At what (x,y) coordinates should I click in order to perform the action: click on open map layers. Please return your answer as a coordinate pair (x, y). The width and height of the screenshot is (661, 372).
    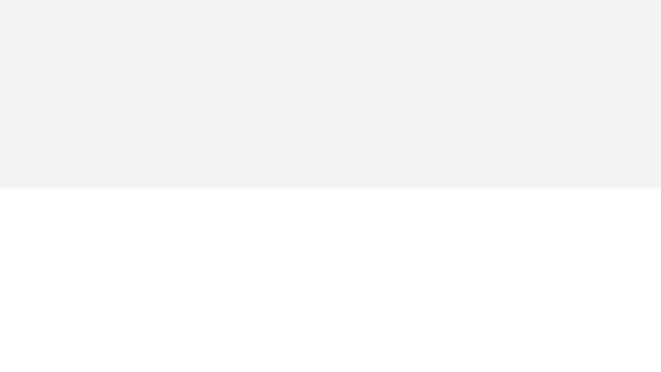
    Looking at the image, I should click on (652, 37).